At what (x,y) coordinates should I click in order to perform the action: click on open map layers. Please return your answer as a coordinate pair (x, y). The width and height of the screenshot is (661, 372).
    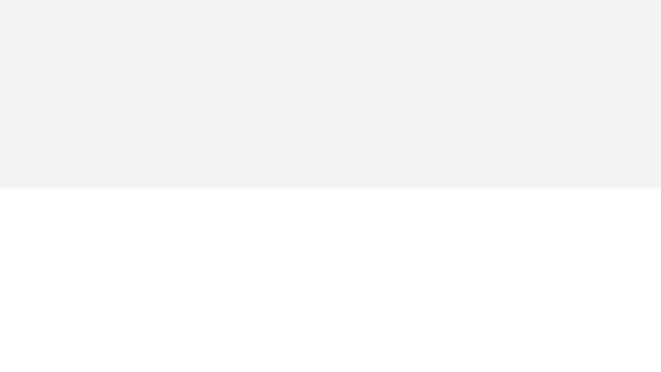
    Looking at the image, I should click on (652, 37).